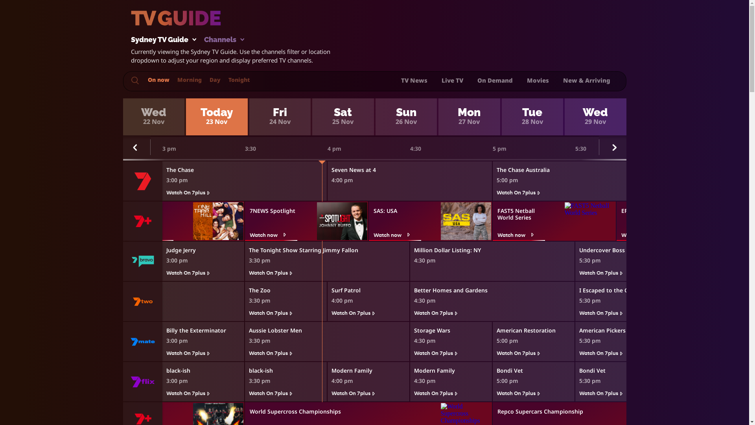  I want to click on 'Mon, so click(469, 117).